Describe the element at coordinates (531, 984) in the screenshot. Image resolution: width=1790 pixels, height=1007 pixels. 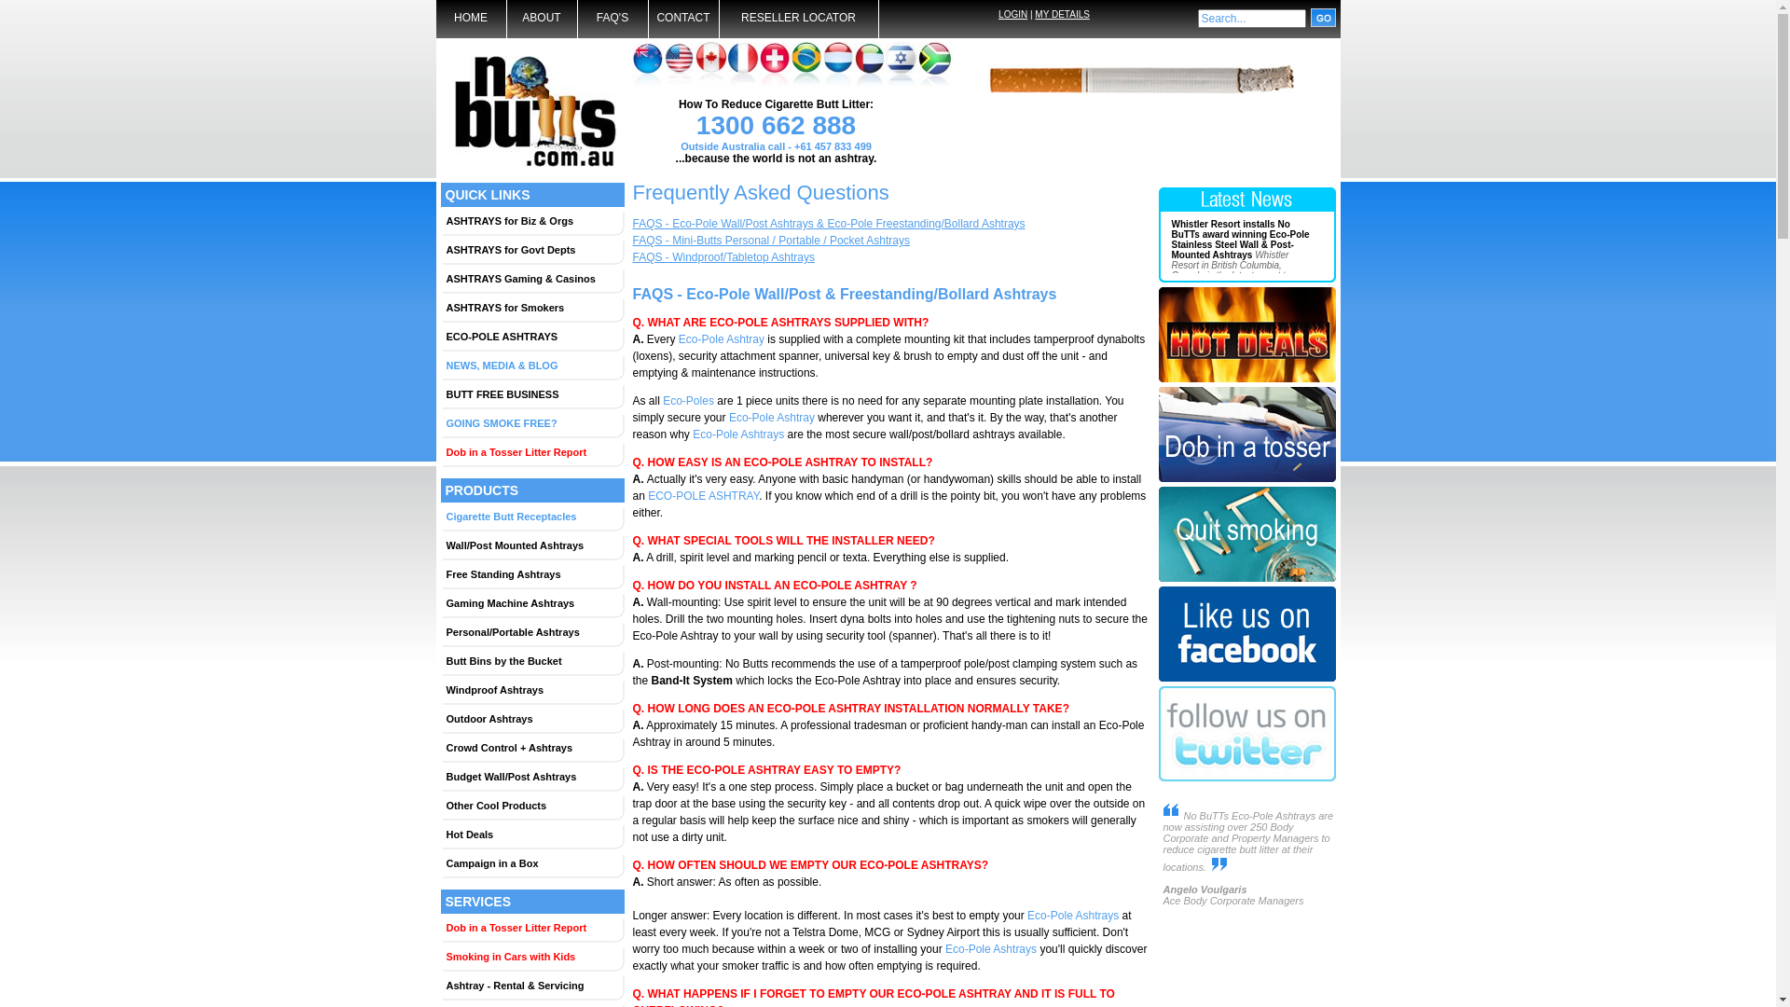
I see `'Ashtray - Rental & Servicing'` at that location.